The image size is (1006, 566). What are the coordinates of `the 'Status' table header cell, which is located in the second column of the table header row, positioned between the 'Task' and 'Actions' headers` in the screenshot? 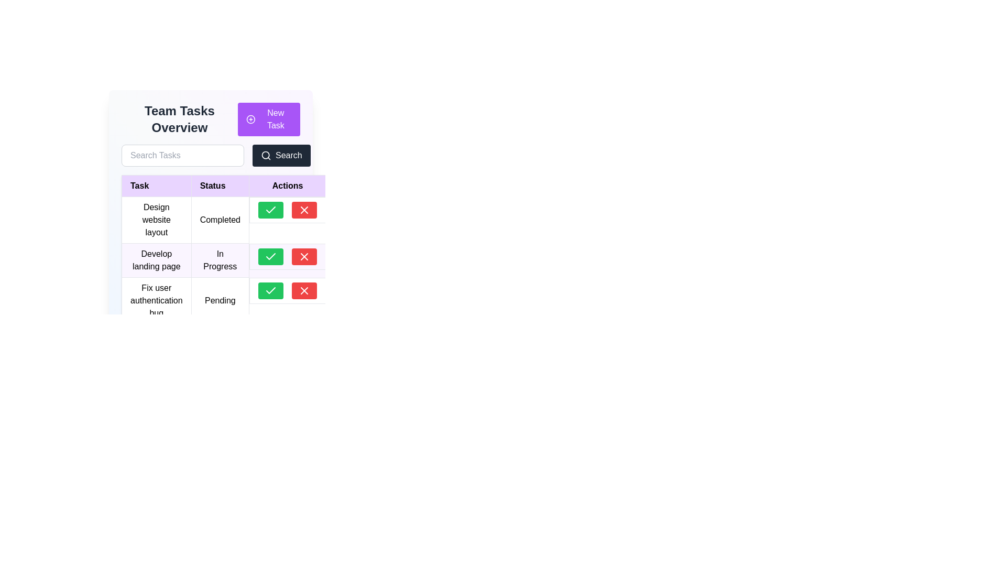 It's located at (220, 185).